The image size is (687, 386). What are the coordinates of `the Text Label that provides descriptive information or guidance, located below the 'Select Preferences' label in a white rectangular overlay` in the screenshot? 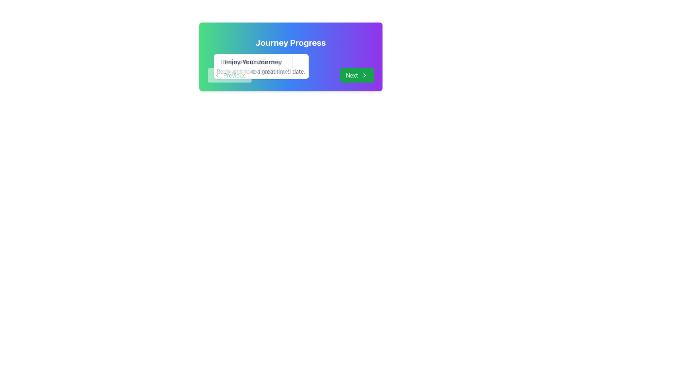 It's located at (250, 71).